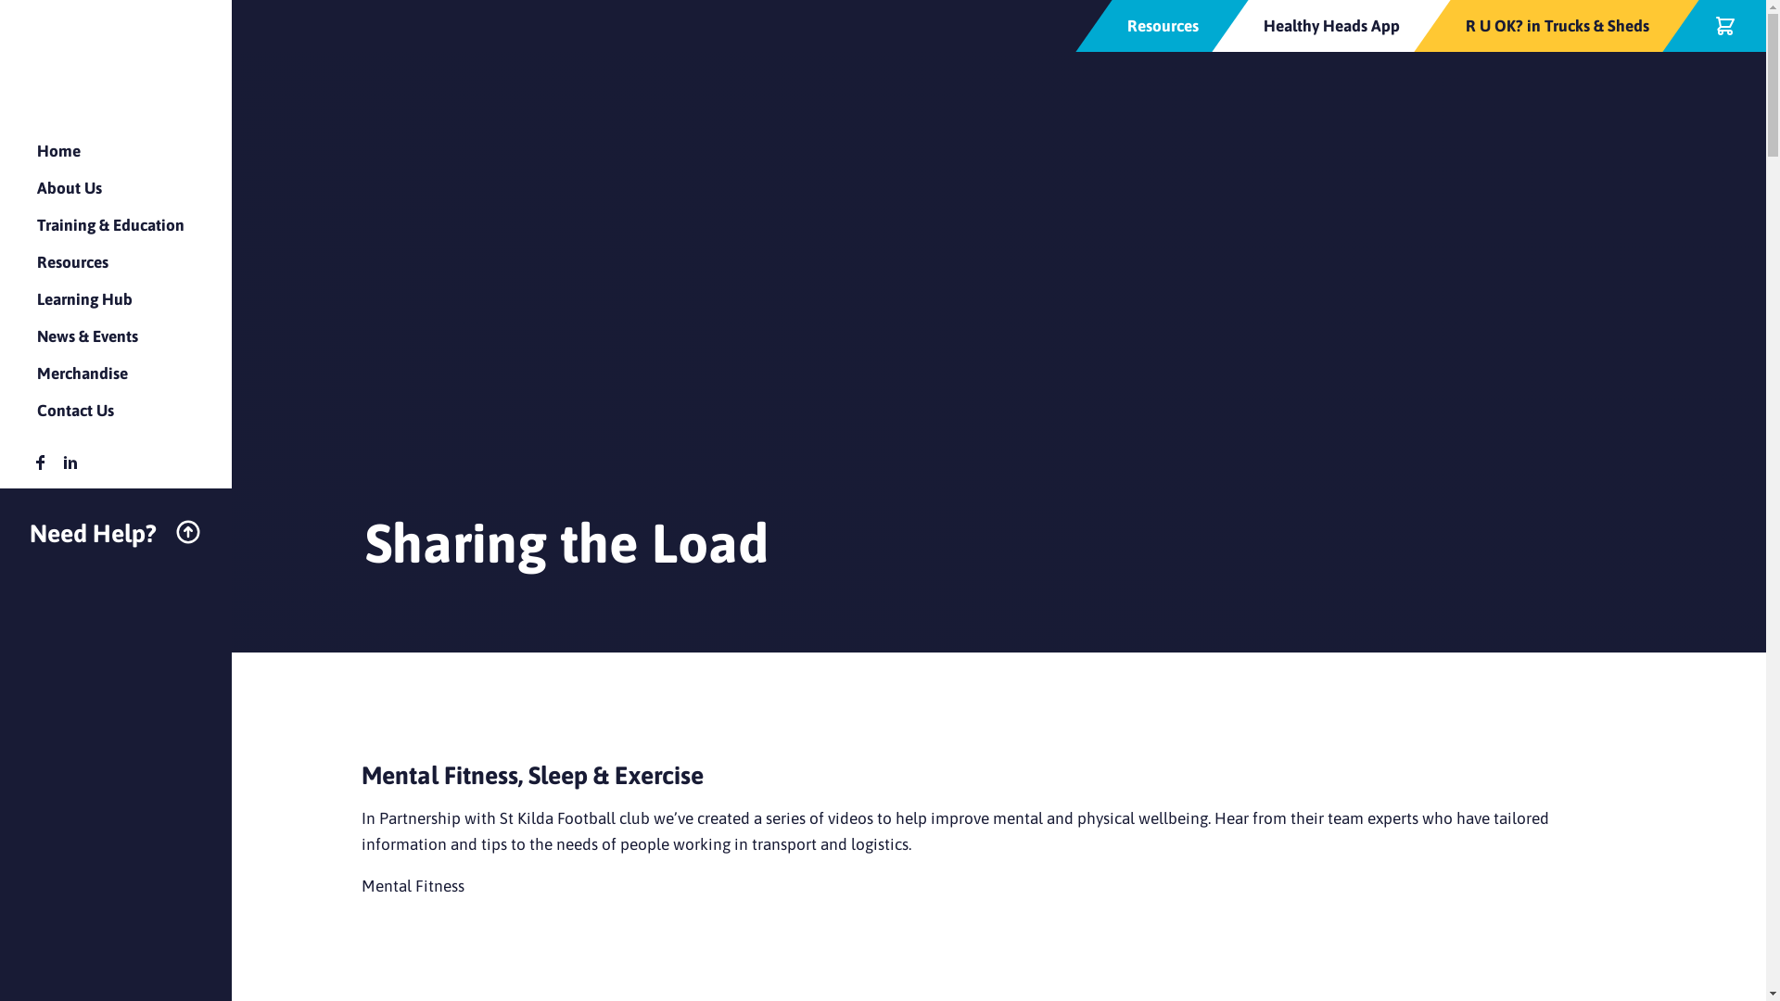 This screenshot has width=1780, height=1001. I want to click on 'Home', so click(58, 149).